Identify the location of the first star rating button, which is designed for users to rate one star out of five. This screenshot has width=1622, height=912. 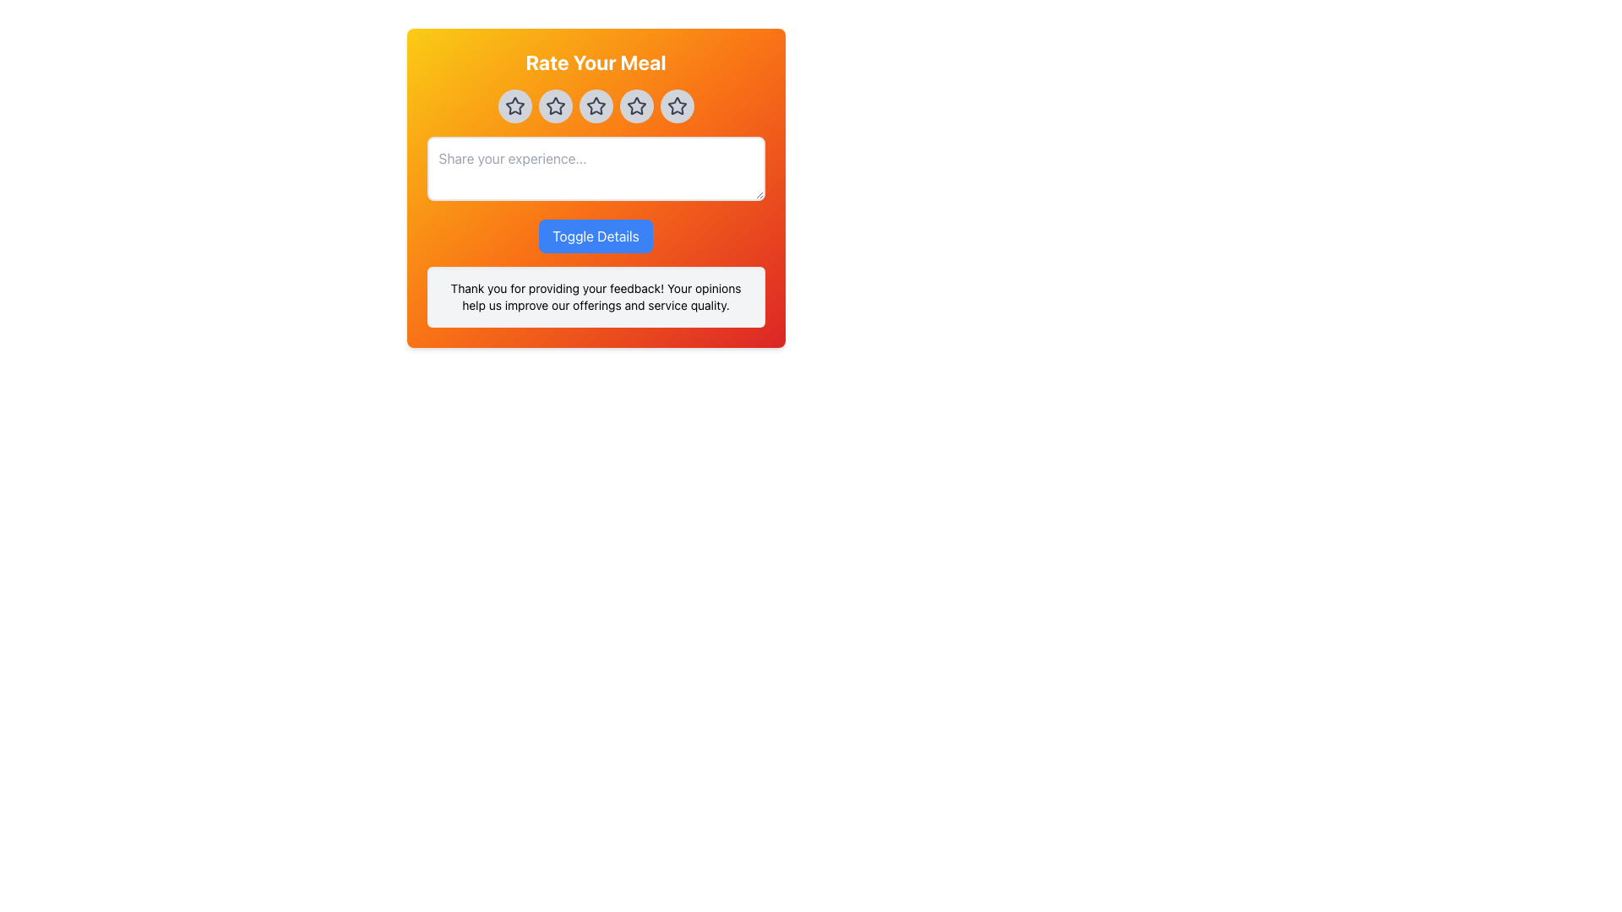
(514, 106).